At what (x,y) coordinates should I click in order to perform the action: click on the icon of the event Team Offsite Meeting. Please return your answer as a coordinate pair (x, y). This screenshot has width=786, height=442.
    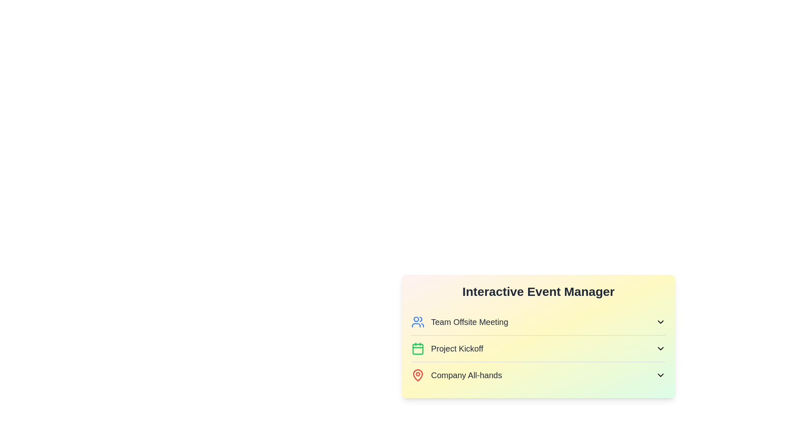
    Looking at the image, I should click on (418, 321).